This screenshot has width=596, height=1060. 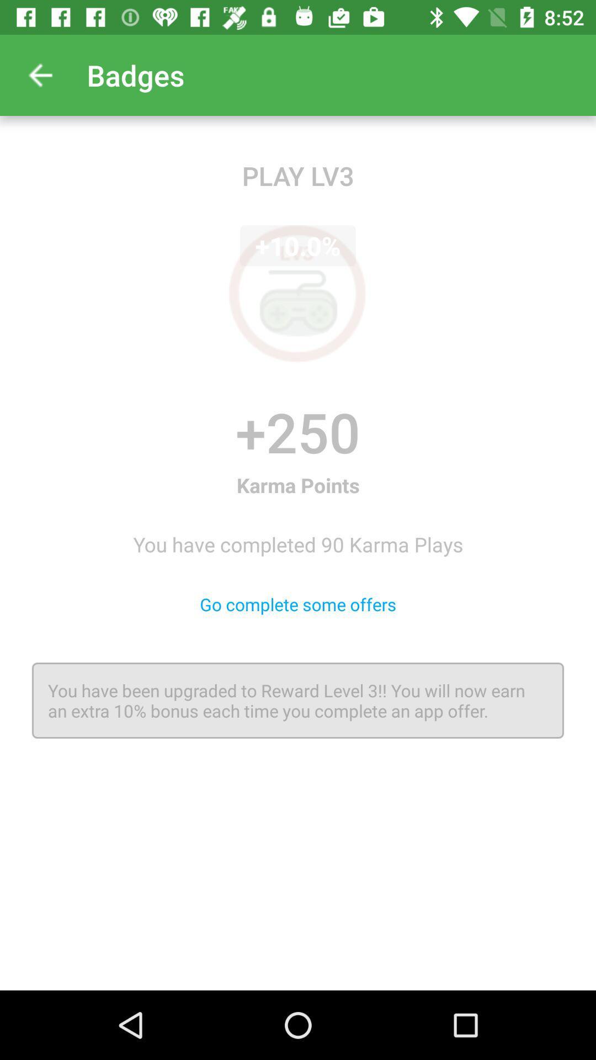 What do you see at coordinates (40, 75) in the screenshot?
I see `icon above play lv3 item` at bounding box center [40, 75].